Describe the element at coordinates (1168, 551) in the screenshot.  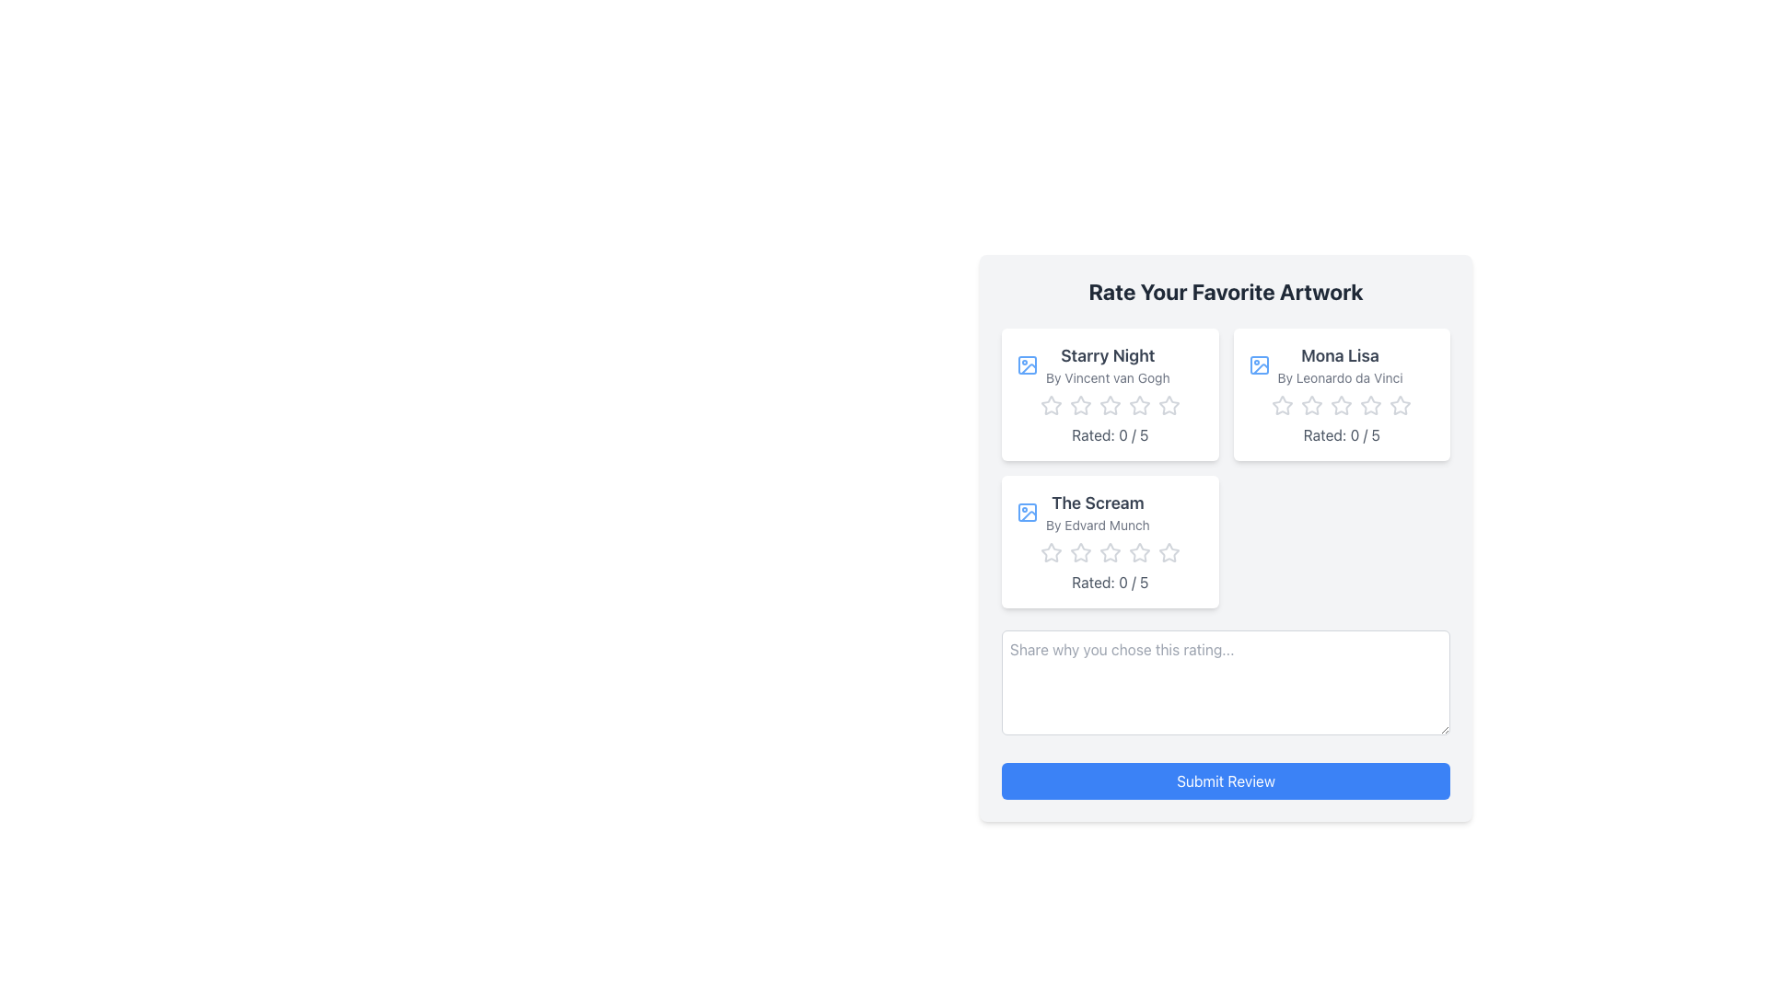
I see `the star-shaped icon` at that location.